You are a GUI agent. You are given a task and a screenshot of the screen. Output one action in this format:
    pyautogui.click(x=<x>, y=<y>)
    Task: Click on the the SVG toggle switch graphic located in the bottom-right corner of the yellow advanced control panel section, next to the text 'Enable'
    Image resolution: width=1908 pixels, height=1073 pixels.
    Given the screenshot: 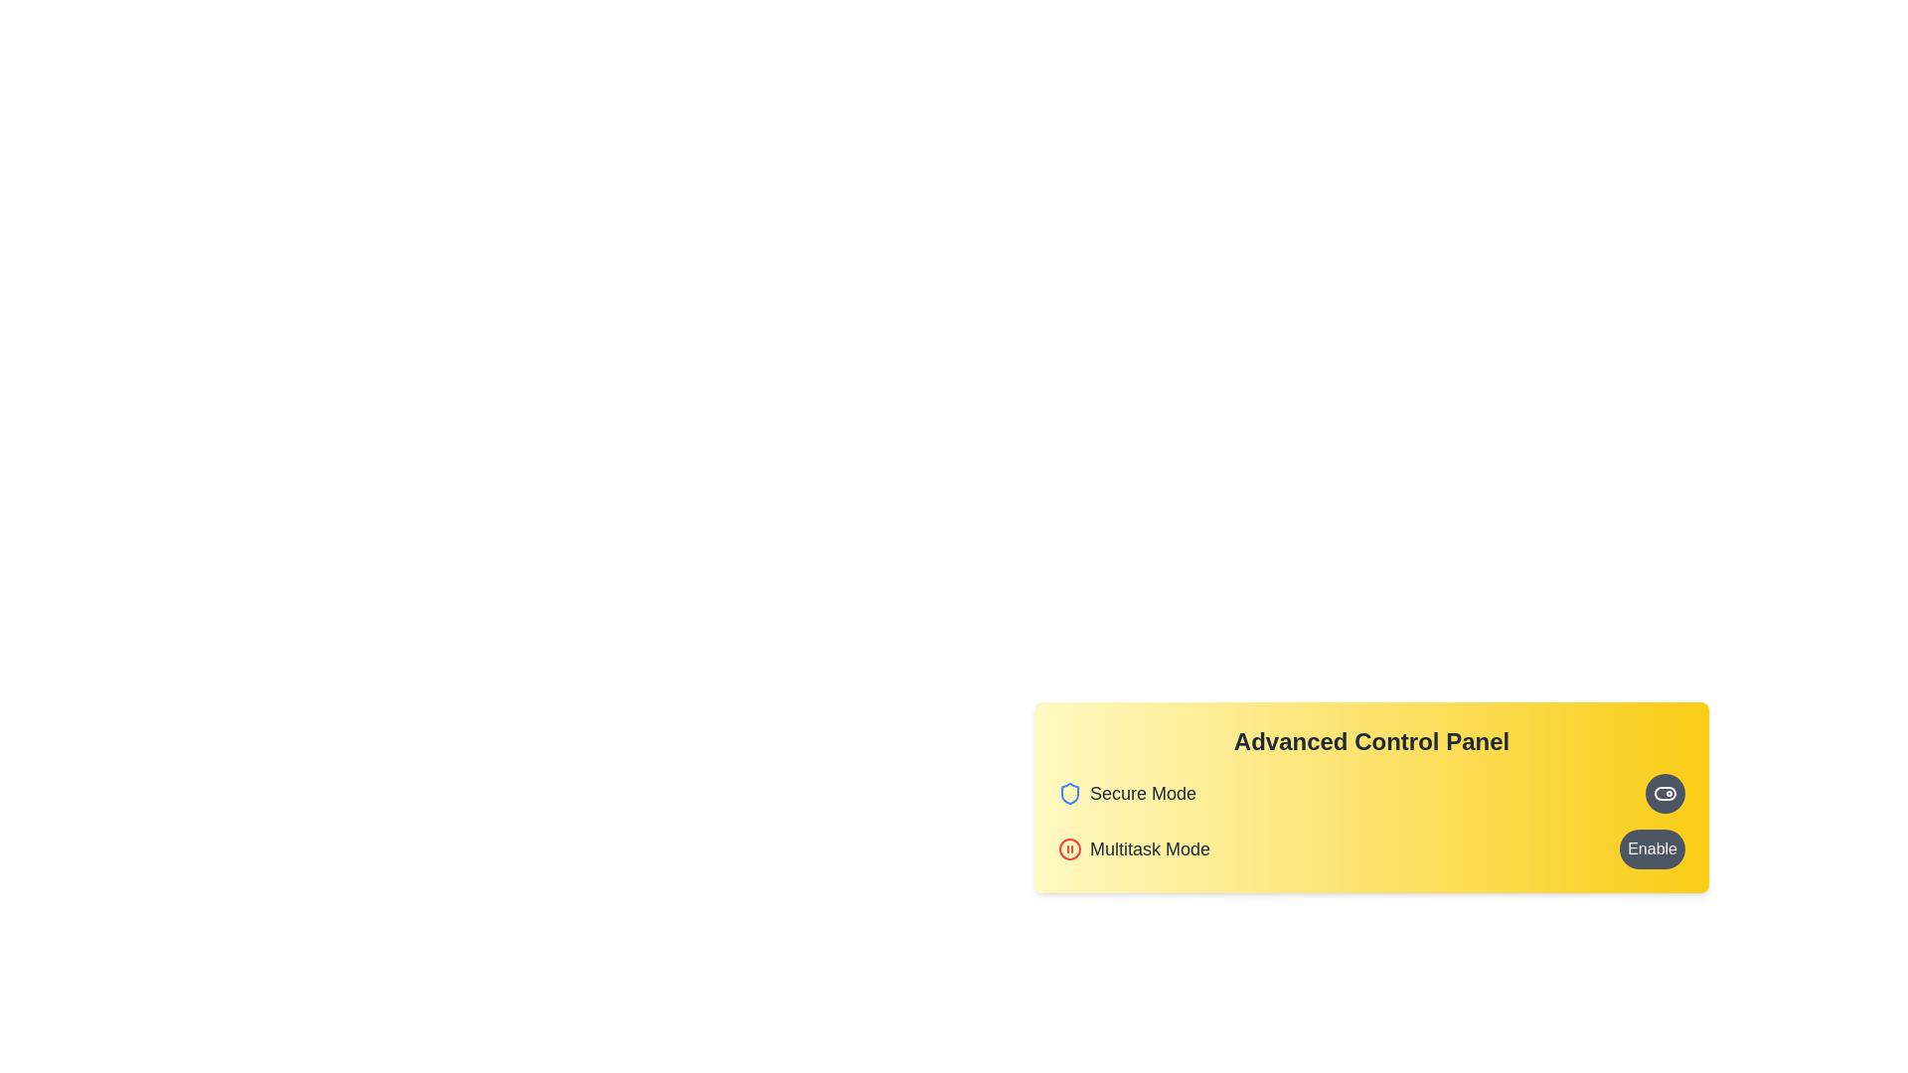 What is the action you would take?
    pyautogui.click(x=1665, y=792)
    